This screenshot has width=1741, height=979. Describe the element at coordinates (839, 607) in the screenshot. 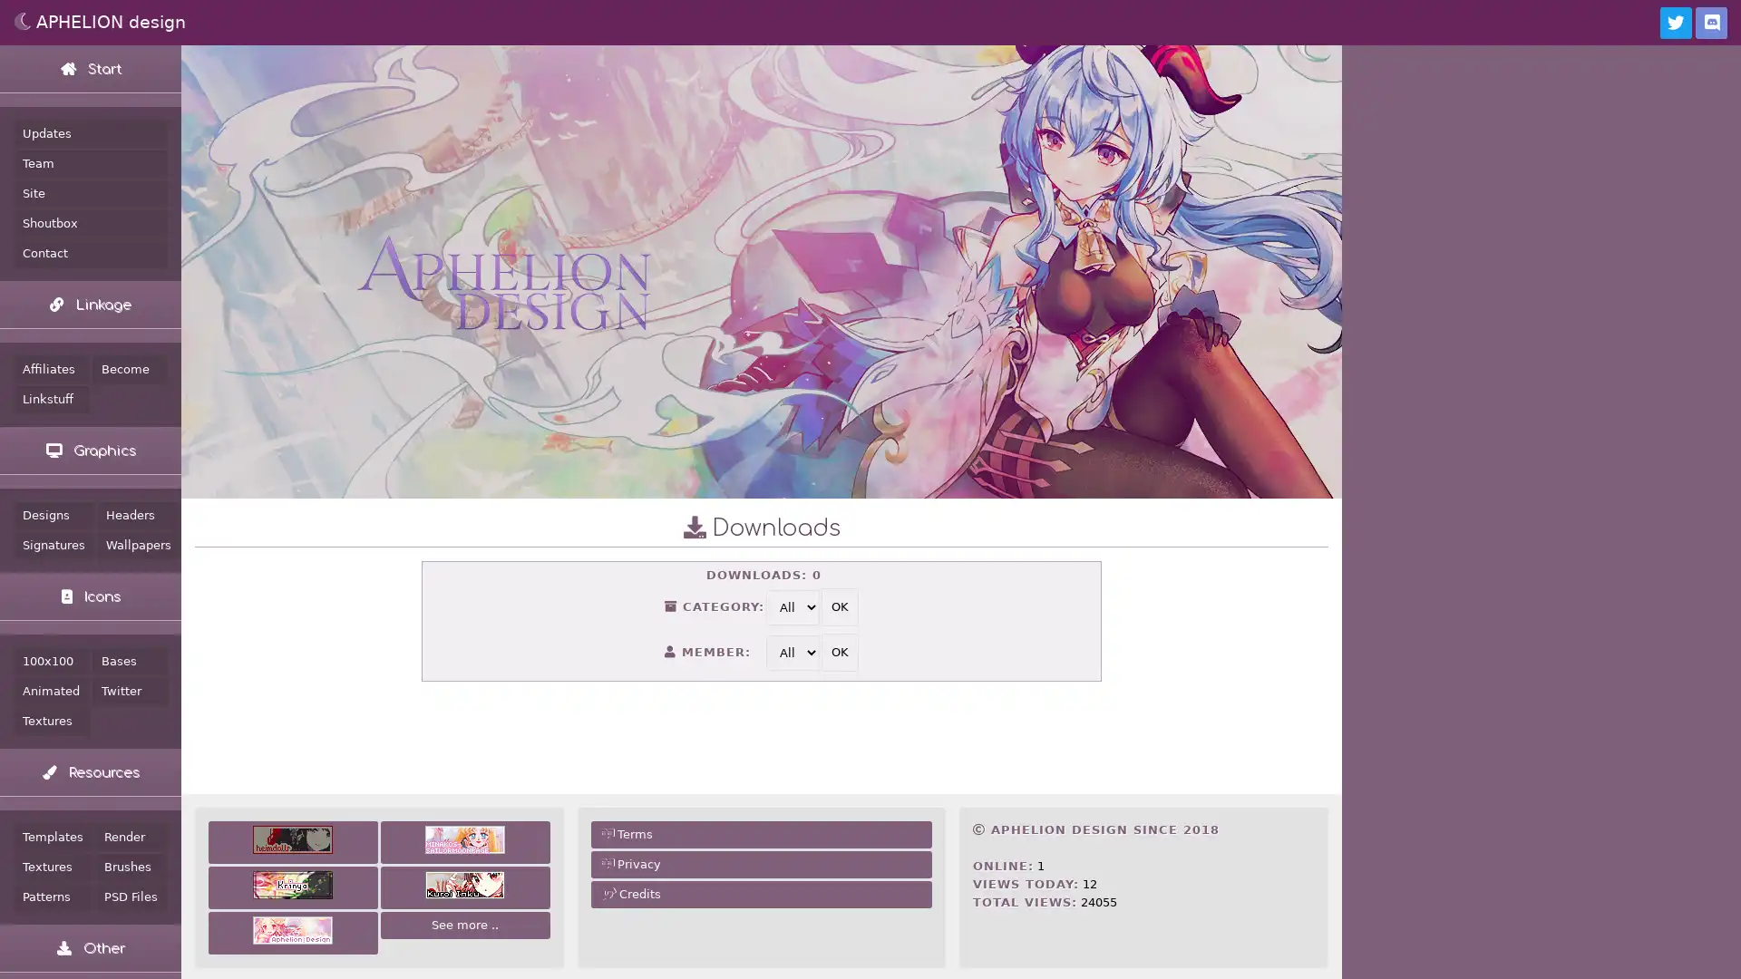

I see `OK` at that location.